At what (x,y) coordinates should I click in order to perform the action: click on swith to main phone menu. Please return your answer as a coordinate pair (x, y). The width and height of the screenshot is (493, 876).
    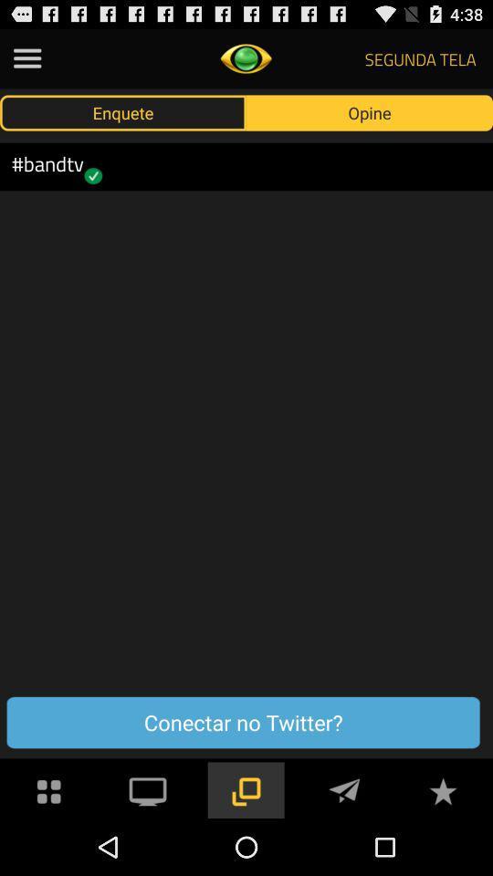
    Looking at the image, I should click on (49, 788).